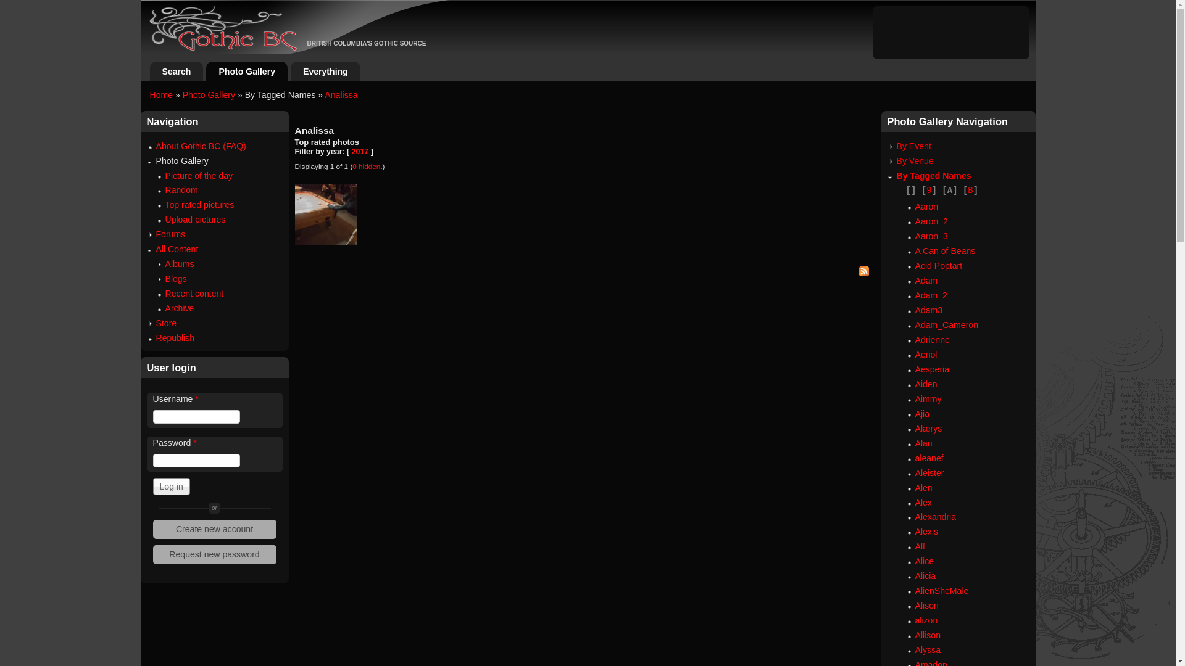  I want to click on 'Adam', so click(926, 281).